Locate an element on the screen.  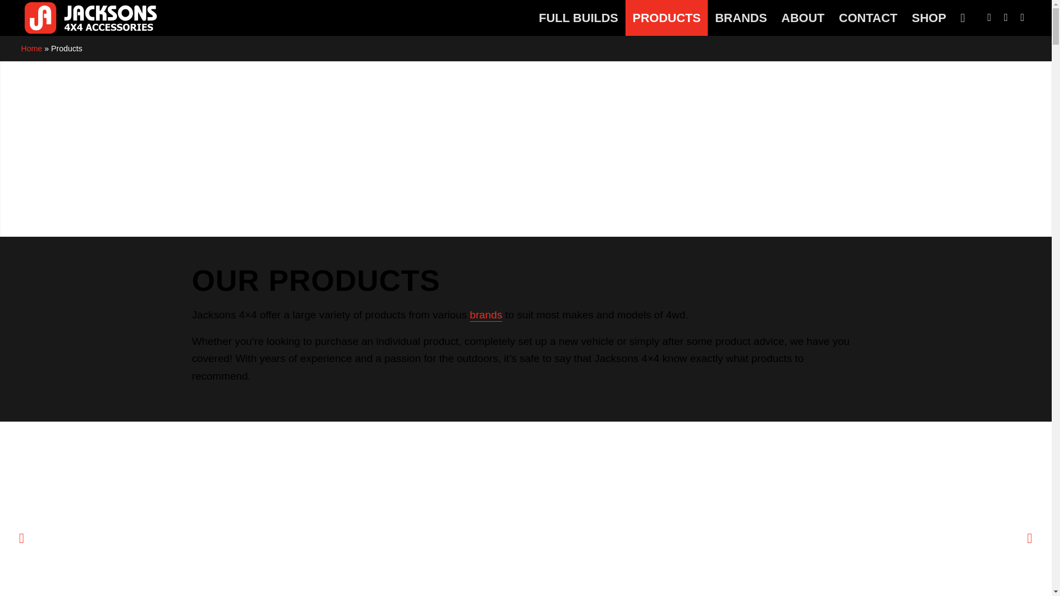
'Home' is located at coordinates (31, 48).